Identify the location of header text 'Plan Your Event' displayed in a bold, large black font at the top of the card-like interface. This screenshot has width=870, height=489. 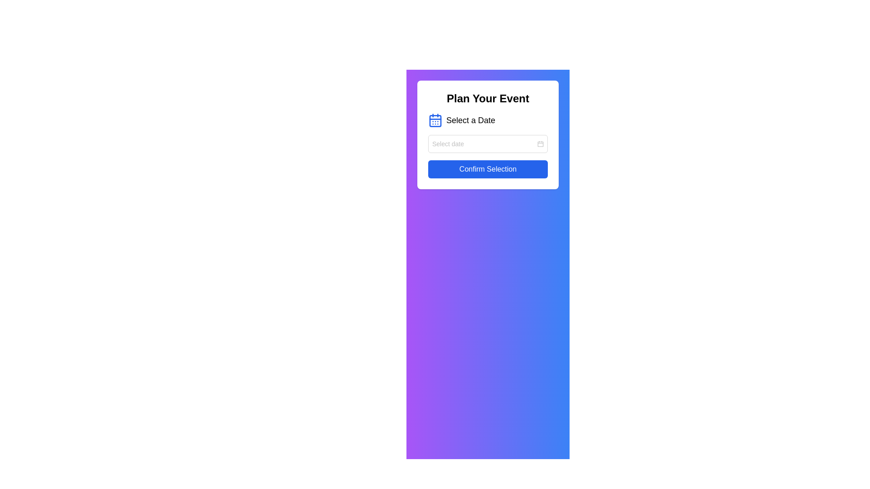
(487, 99).